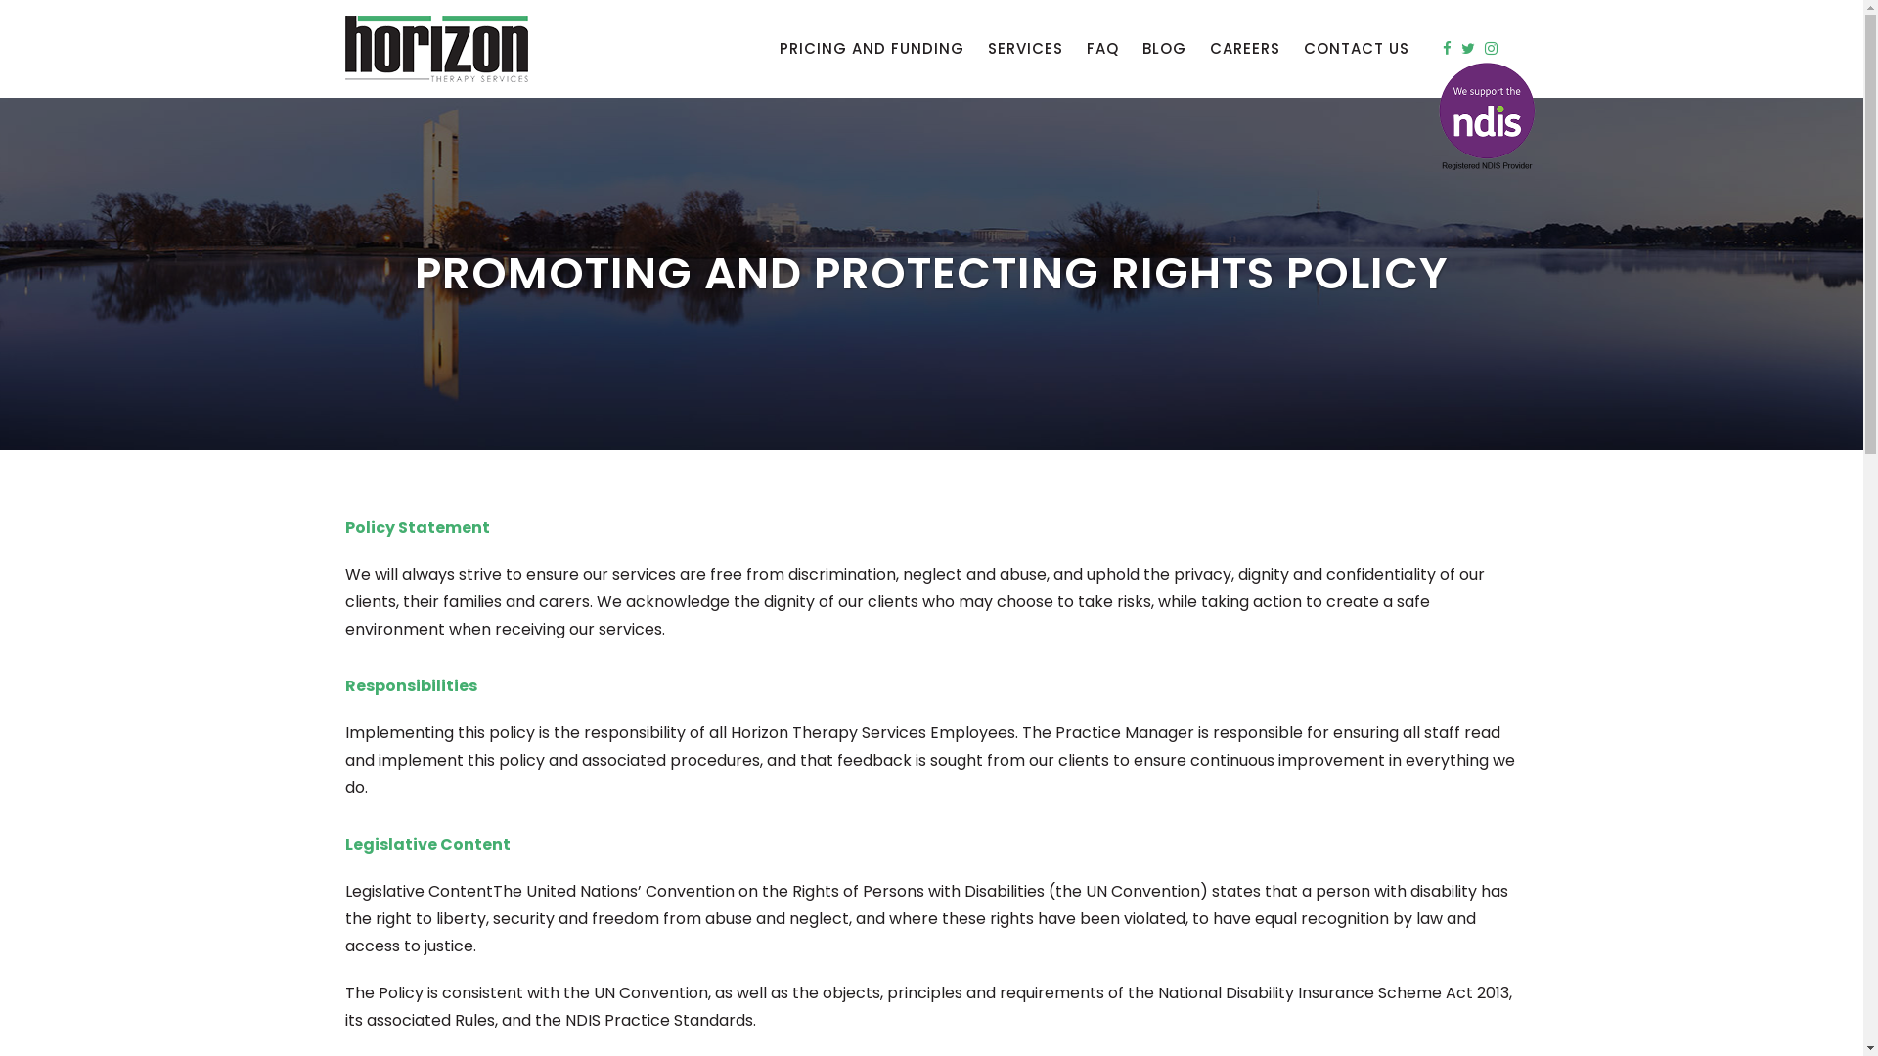 The width and height of the screenshot is (1878, 1056). What do you see at coordinates (1101, 48) in the screenshot?
I see `'FAQ'` at bounding box center [1101, 48].